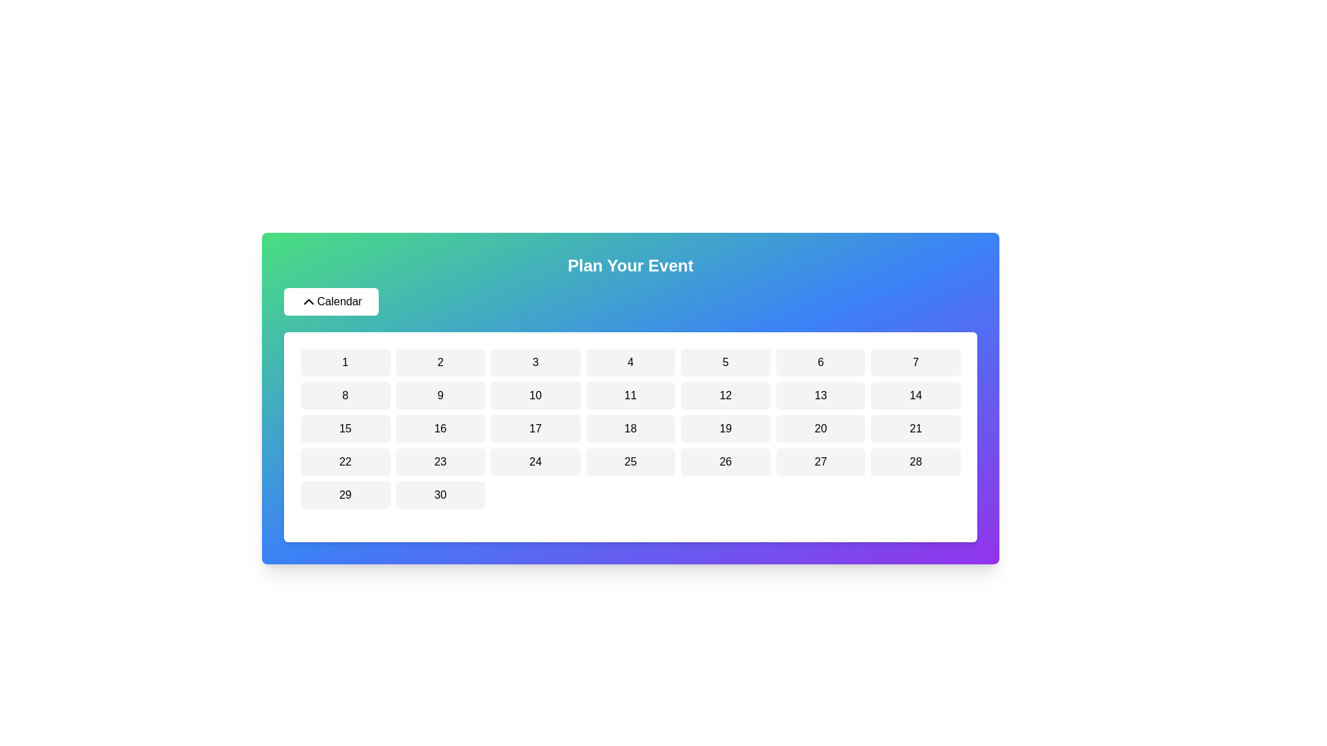 This screenshot has height=746, width=1327. Describe the element at coordinates (820, 361) in the screenshot. I see `the sixth button in the first row of the grid layout, located below the 'Plan Your Event' header` at that location.